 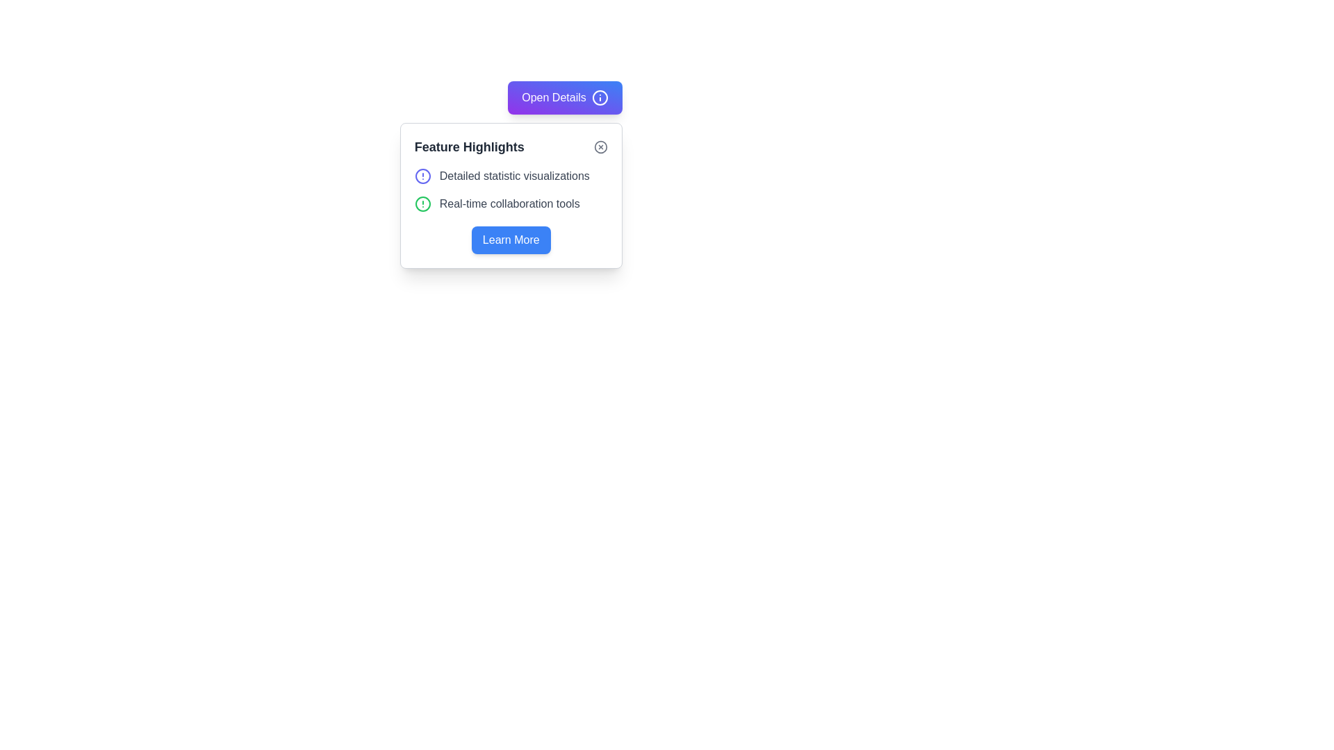 What do you see at coordinates (422, 176) in the screenshot?
I see `the circular SVG icon located to the left of the 'Detailed statistic visualizations' text in the 'Feature Highlights' card` at bounding box center [422, 176].